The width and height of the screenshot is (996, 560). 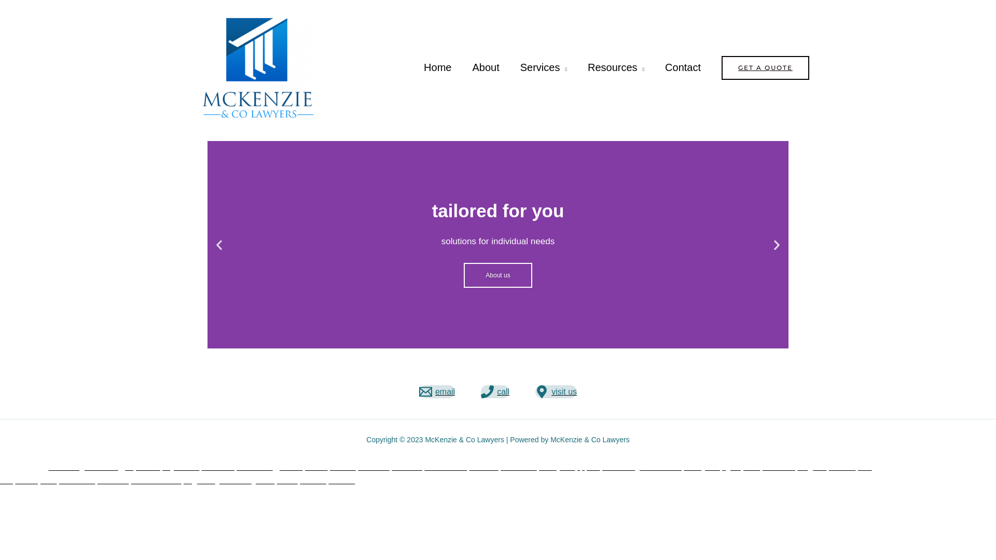 I want to click on 'Resources', so click(x=616, y=67).